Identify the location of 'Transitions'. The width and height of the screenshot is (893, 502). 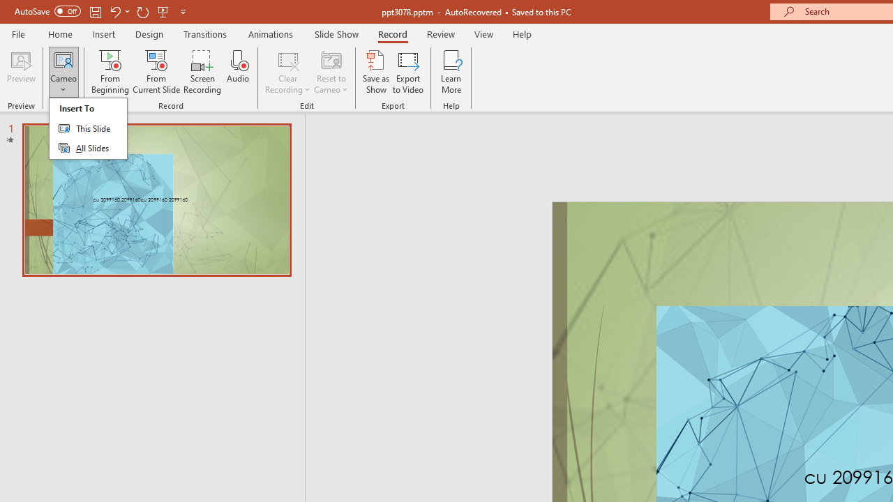
(205, 33).